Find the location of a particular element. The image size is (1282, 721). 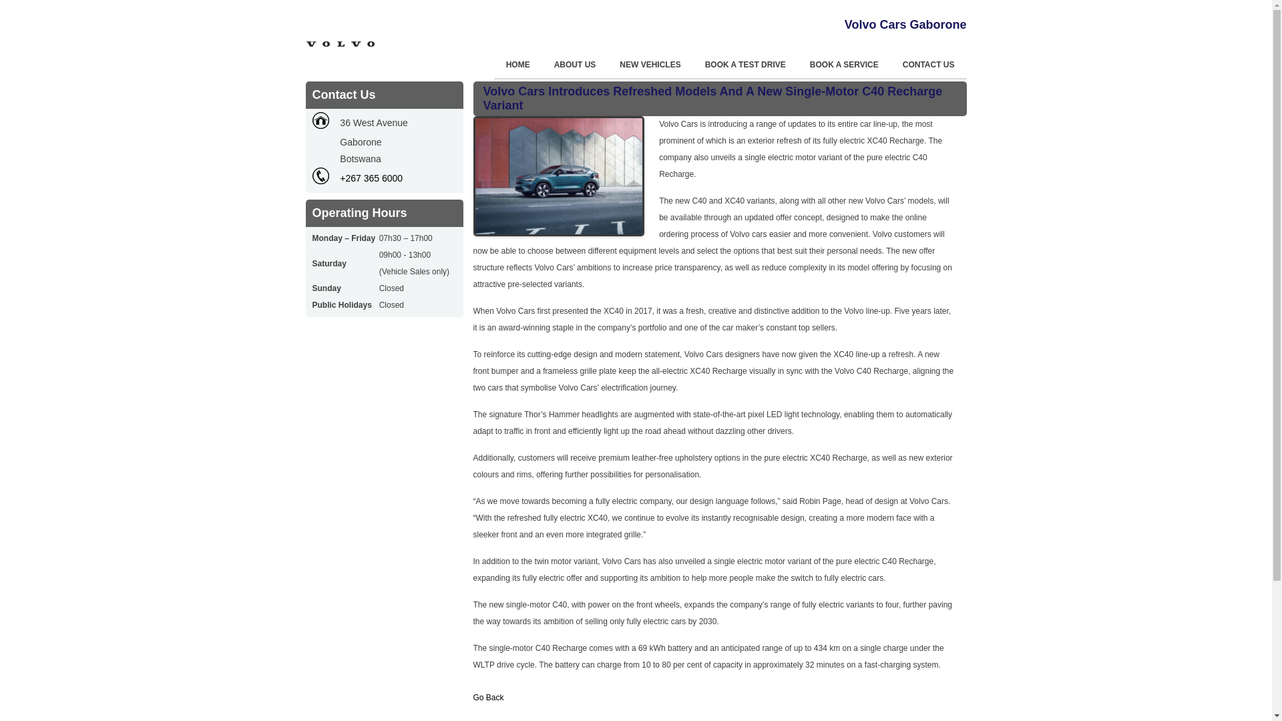

'BOOK A SERVICE' is located at coordinates (798, 65).